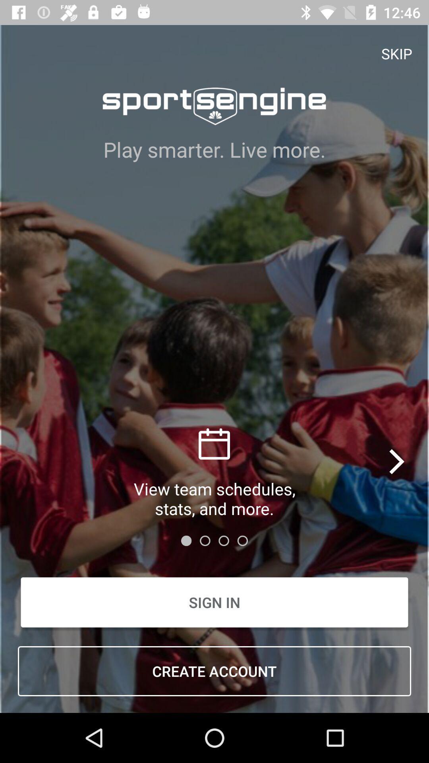 The height and width of the screenshot is (763, 429). Describe the element at coordinates (214, 671) in the screenshot. I see `the create account item` at that location.